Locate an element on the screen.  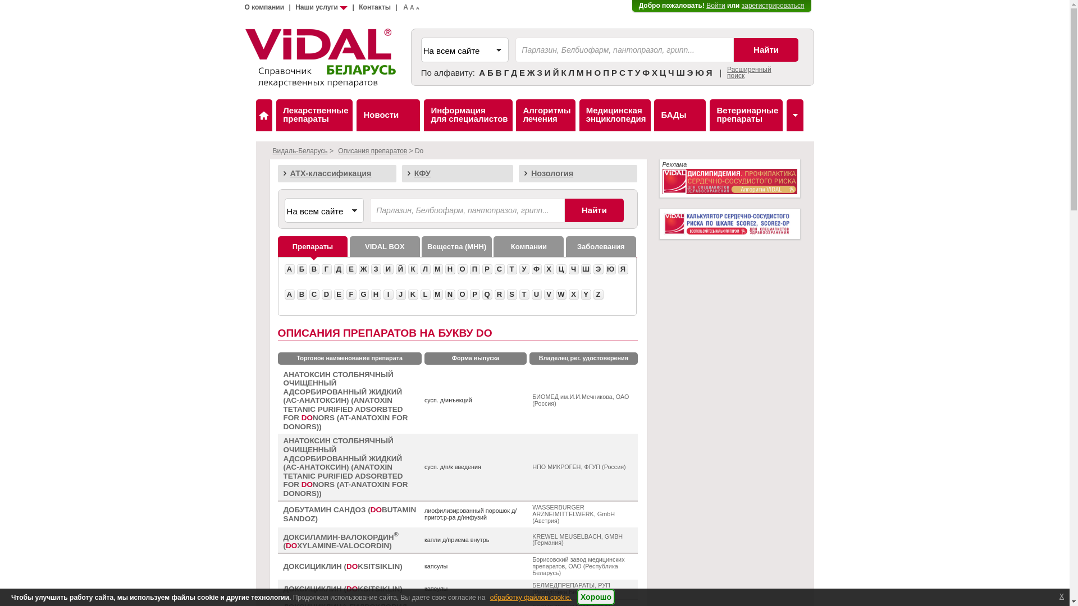
'H' is located at coordinates (375, 293).